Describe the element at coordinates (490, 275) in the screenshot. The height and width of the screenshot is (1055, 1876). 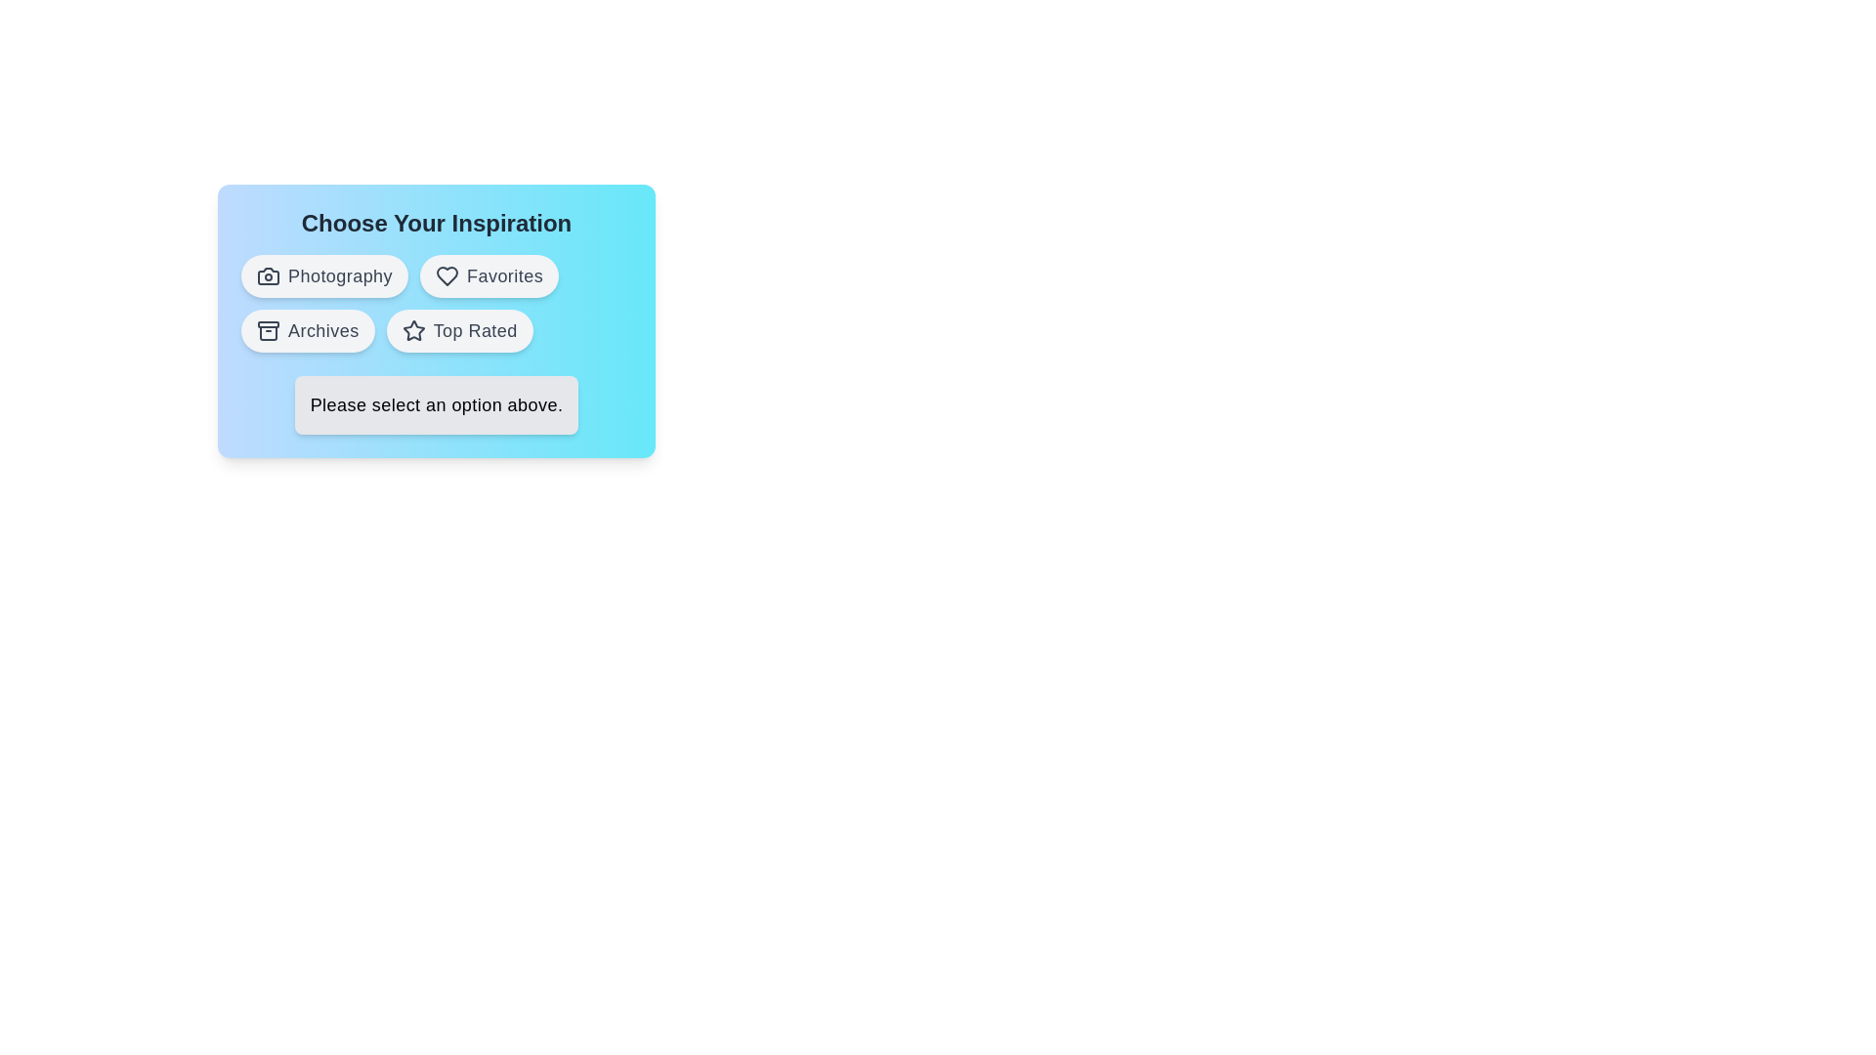
I see `the 'Favorites' button, which is the second button in a horizontal list, located between the 'Photography' and 'Archives' buttons` at that location.